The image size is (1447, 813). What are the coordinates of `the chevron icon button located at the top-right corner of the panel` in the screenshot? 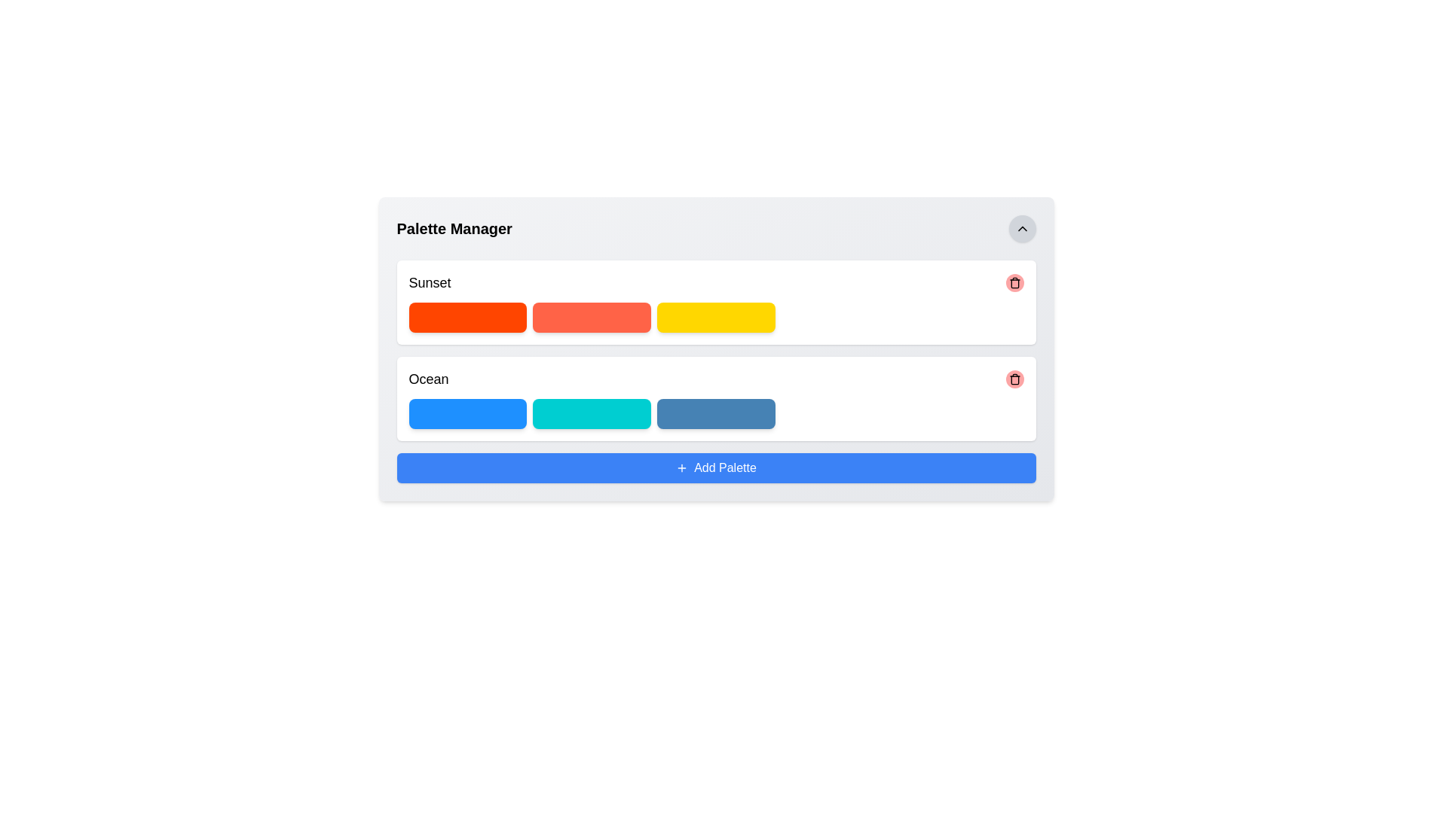 It's located at (1022, 229).